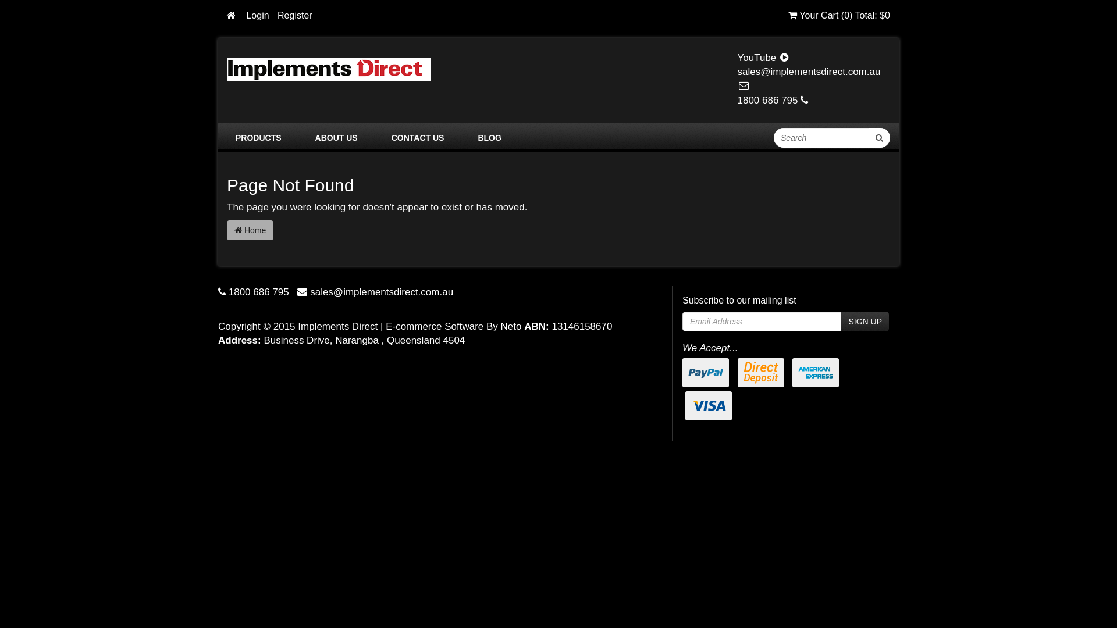 This screenshot has width=1117, height=628. What do you see at coordinates (295, 15) in the screenshot?
I see `'Register'` at bounding box center [295, 15].